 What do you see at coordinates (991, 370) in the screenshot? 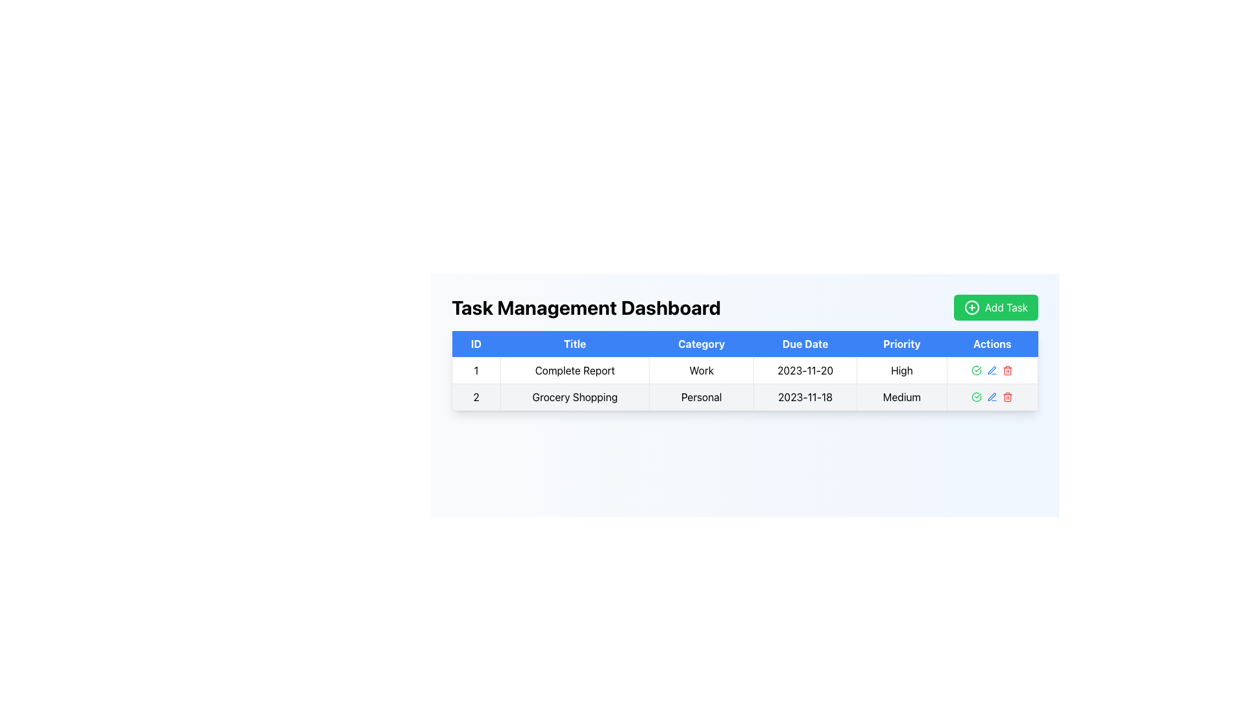
I see `the edit icon button located in the Actions section of the task management table to modify task details` at bounding box center [991, 370].